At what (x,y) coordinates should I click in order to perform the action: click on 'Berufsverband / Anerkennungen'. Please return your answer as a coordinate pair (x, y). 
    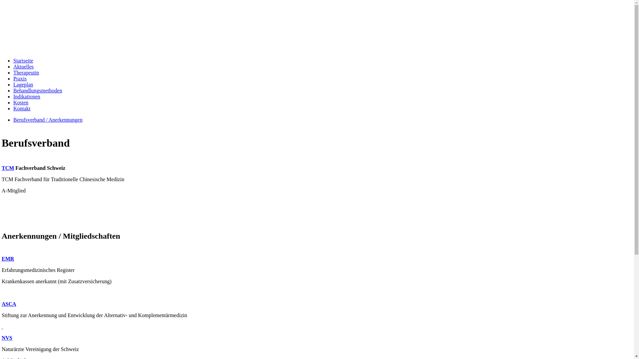
    Looking at the image, I should click on (48, 120).